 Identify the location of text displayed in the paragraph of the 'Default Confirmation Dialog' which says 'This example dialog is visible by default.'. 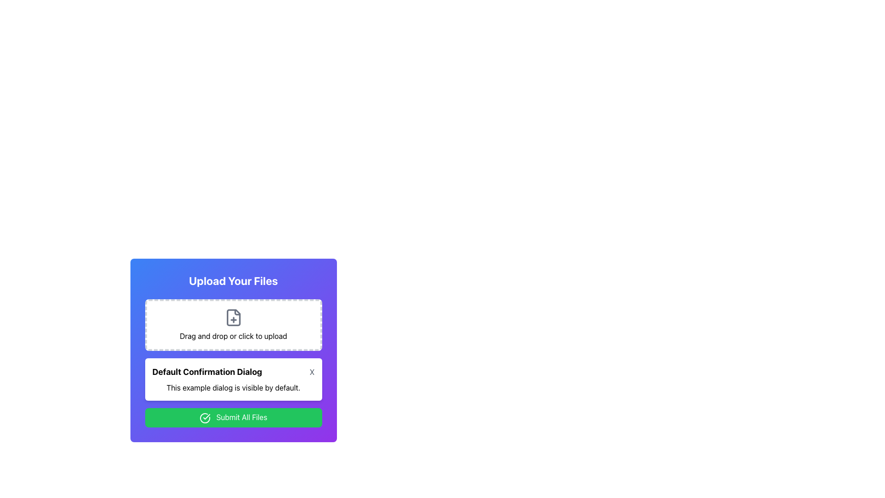
(233, 387).